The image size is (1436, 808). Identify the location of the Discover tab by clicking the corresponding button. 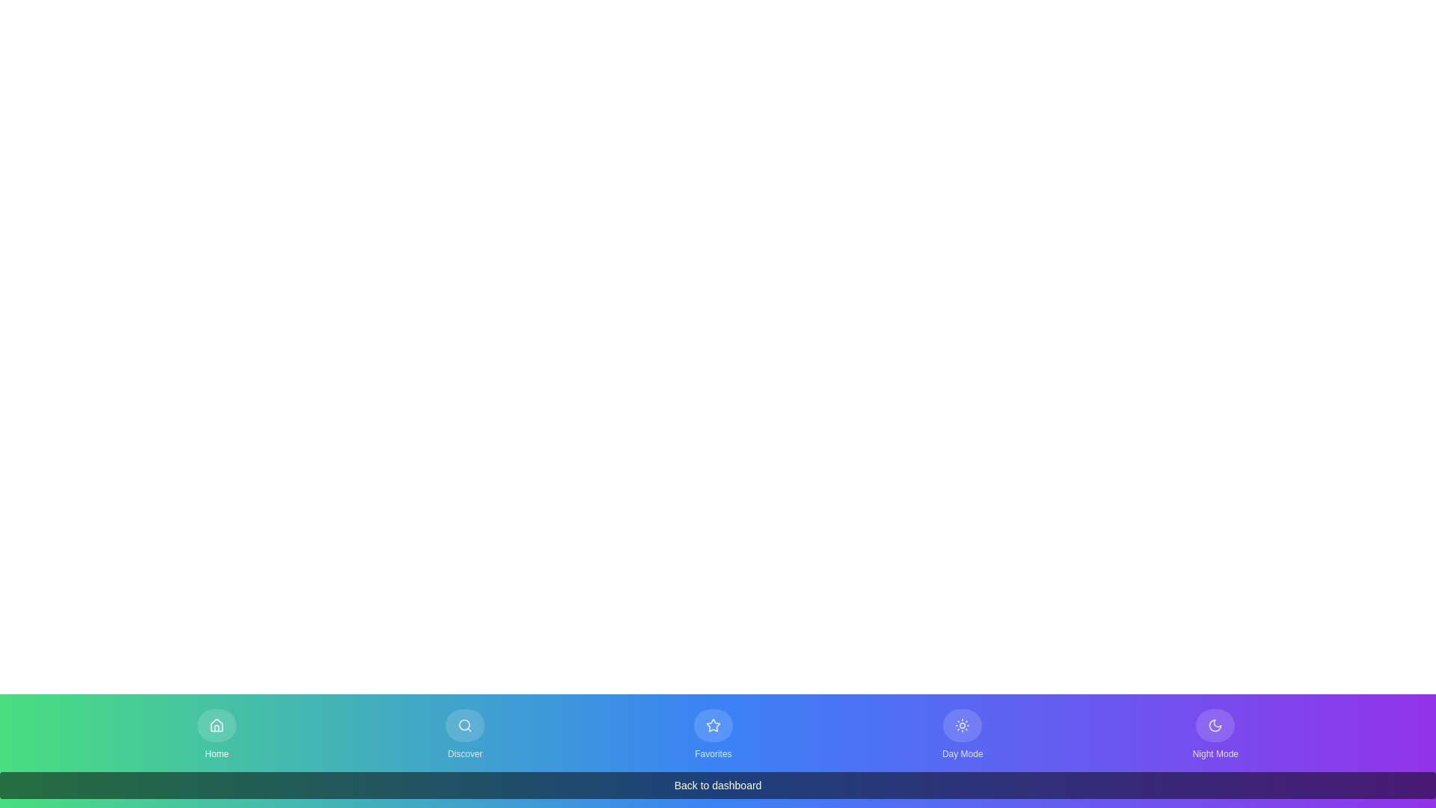
(464, 734).